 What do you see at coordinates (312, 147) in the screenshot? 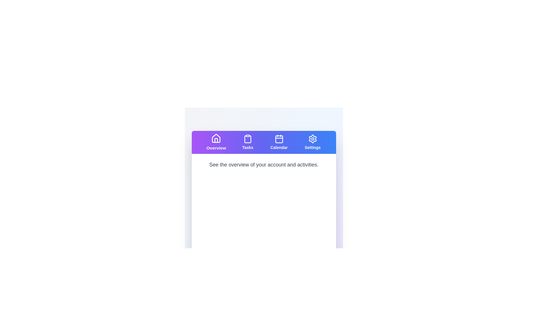
I see `the static text element labeled 'Settings', which is styled with a smaller bold font and located at the bottom of the top navigation bar` at bounding box center [312, 147].